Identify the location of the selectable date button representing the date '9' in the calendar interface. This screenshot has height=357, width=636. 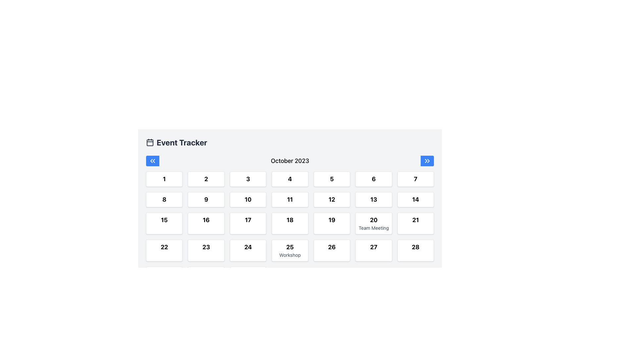
(206, 199).